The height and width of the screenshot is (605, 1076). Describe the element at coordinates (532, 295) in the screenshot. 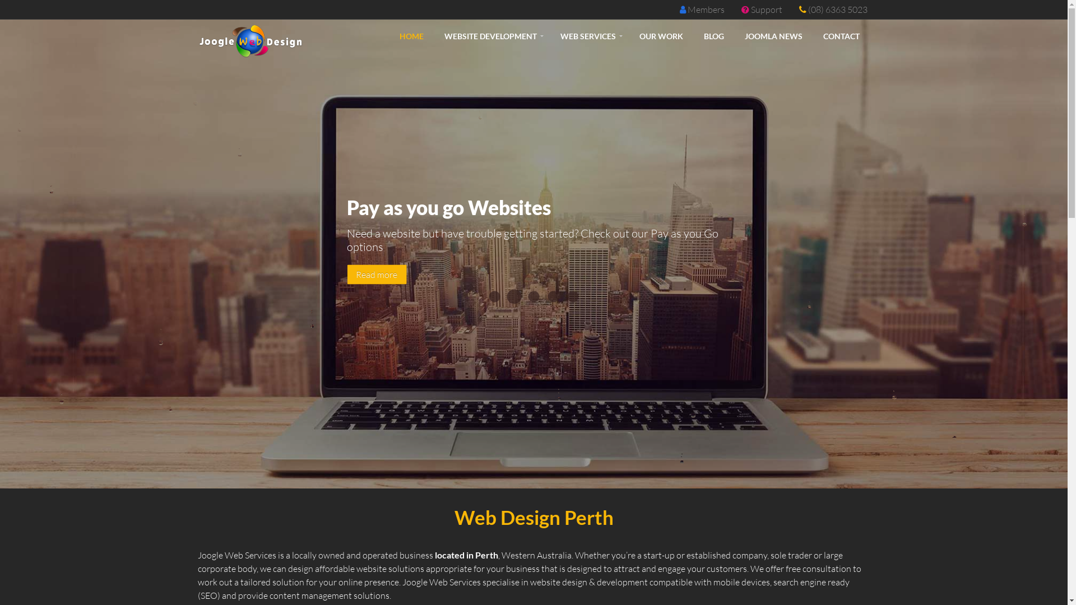

I see `'Web Design'` at that location.